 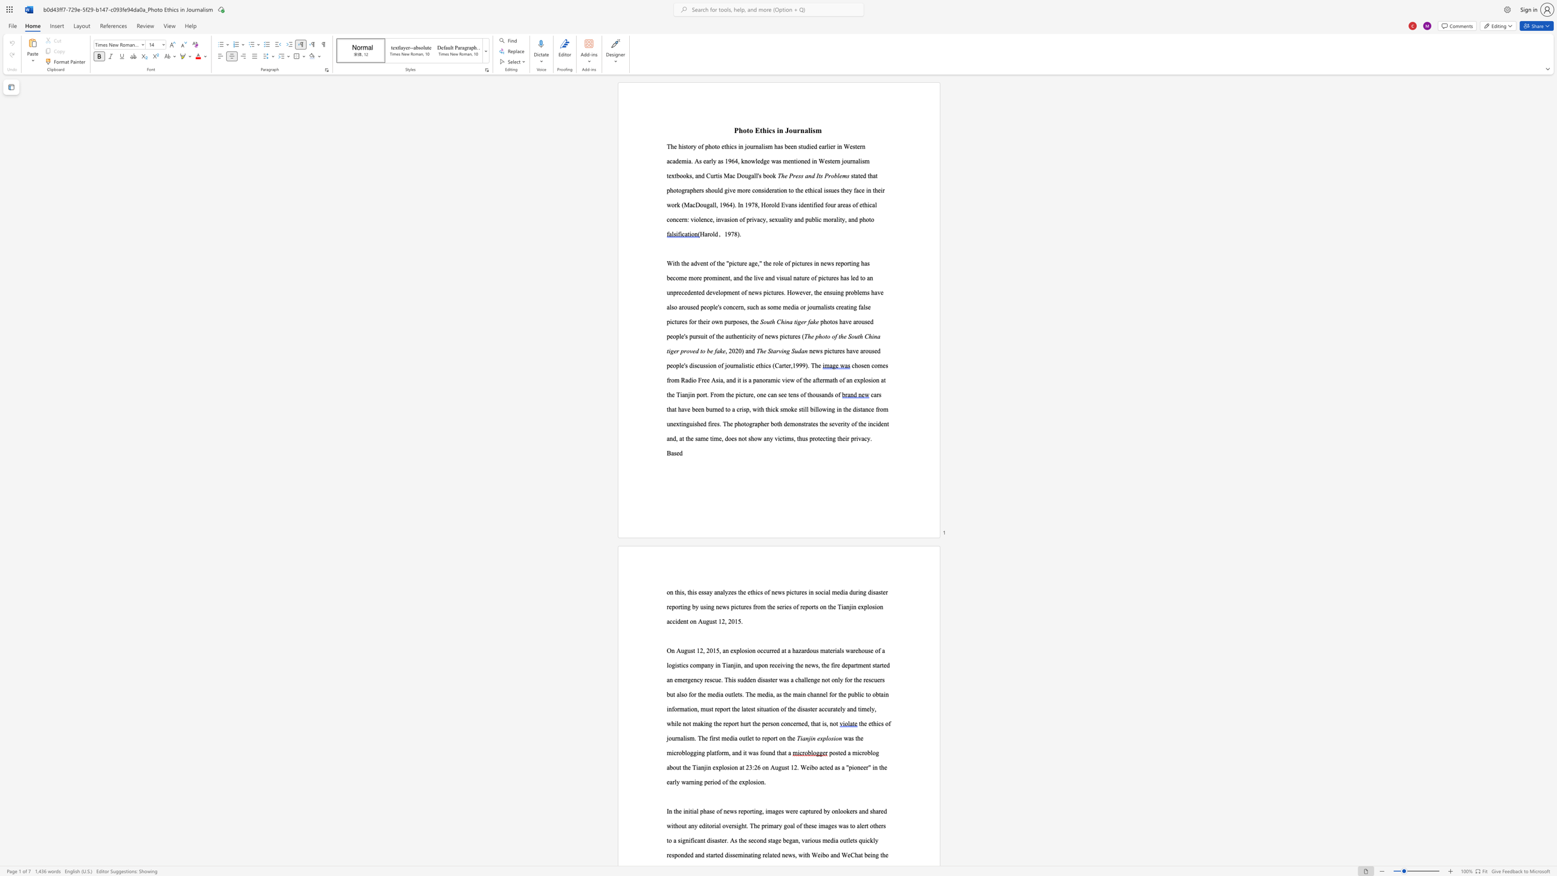 What do you see at coordinates (730, 161) in the screenshot?
I see `the 1th character "9" in the text` at bounding box center [730, 161].